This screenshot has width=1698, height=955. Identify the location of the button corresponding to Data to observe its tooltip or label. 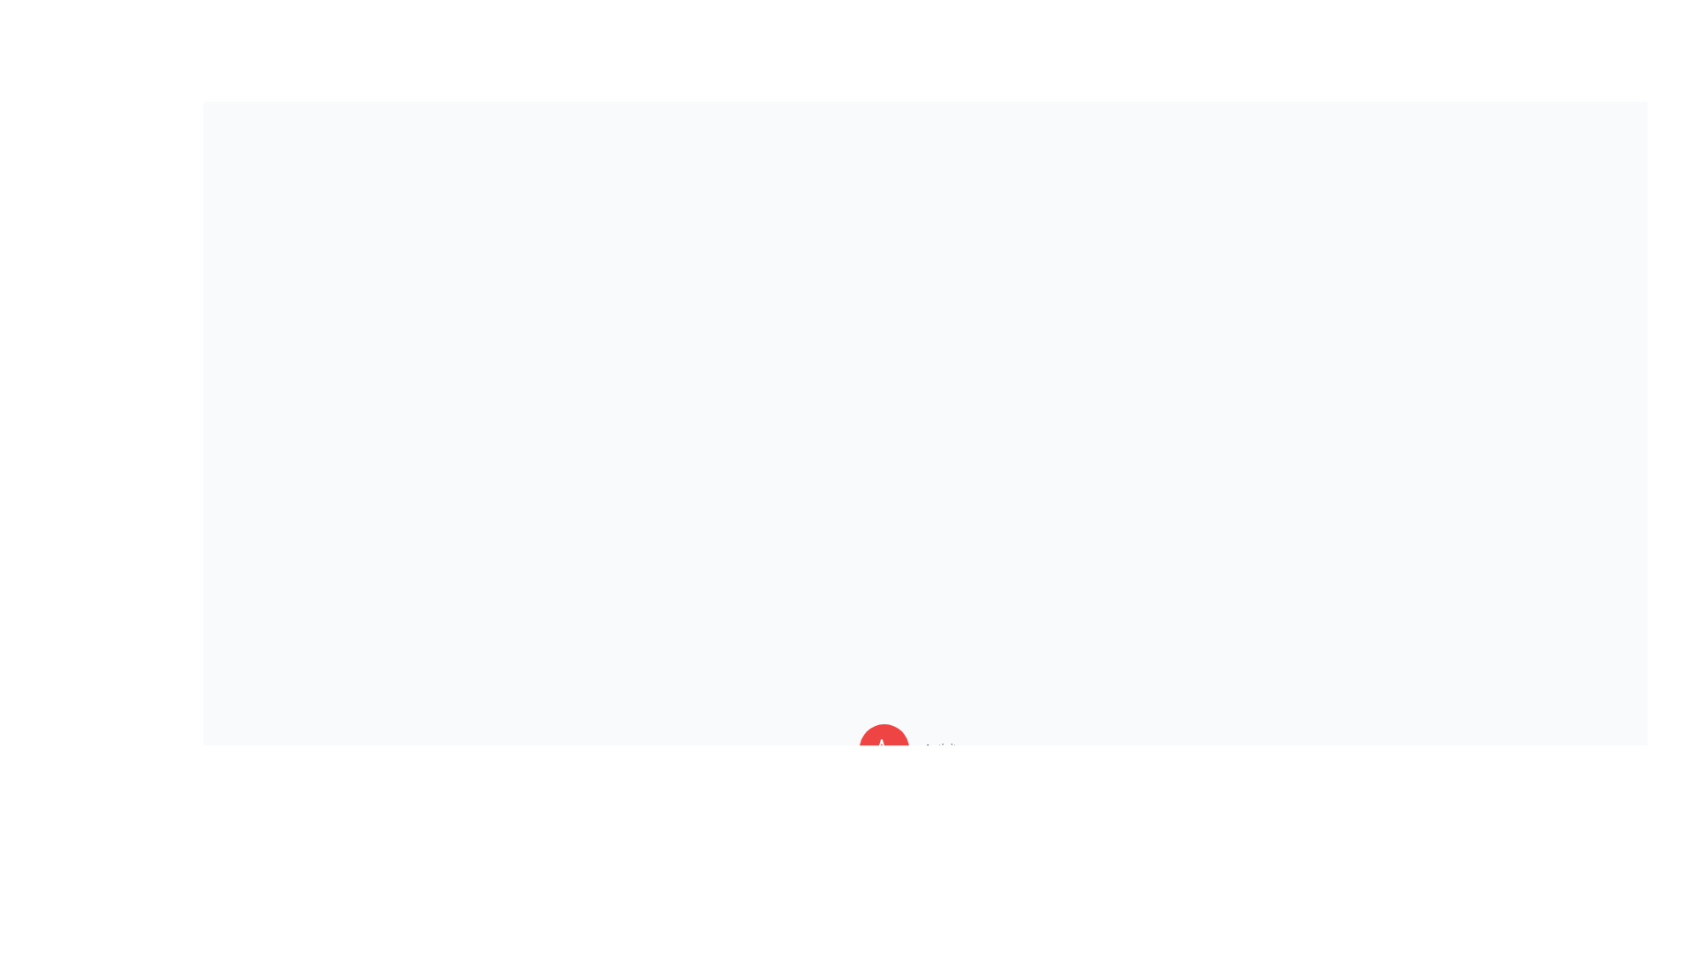
(884, 939).